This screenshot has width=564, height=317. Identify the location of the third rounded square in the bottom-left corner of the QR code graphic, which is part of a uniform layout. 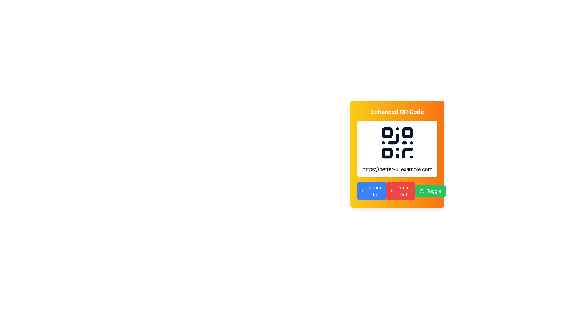
(387, 153).